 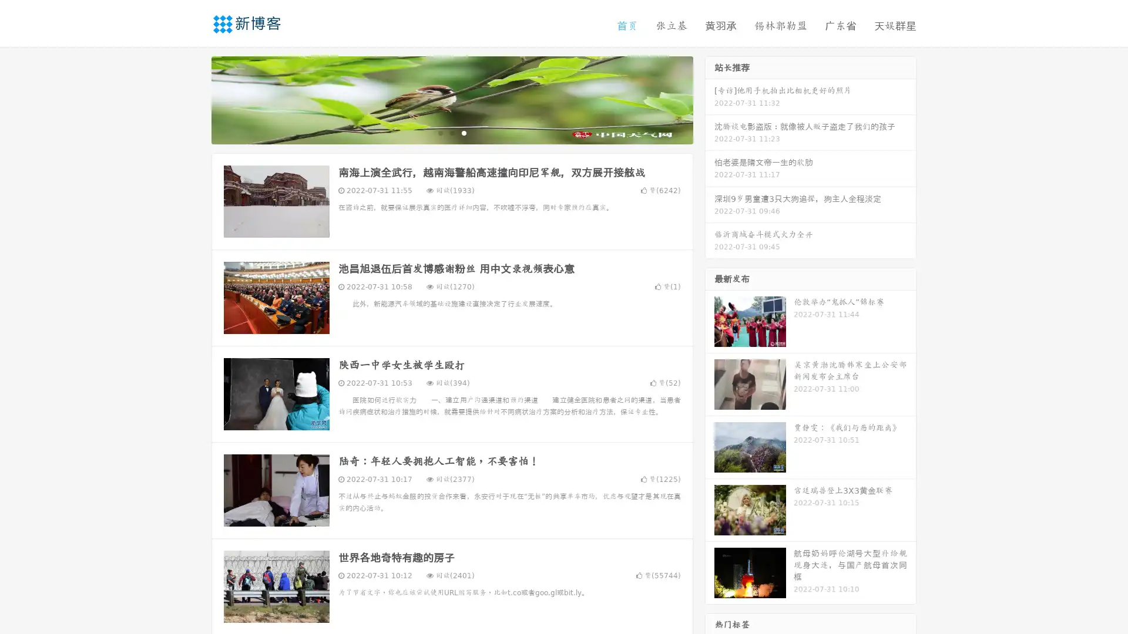 What do you see at coordinates (464, 132) in the screenshot?
I see `Go to slide 3` at bounding box center [464, 132].